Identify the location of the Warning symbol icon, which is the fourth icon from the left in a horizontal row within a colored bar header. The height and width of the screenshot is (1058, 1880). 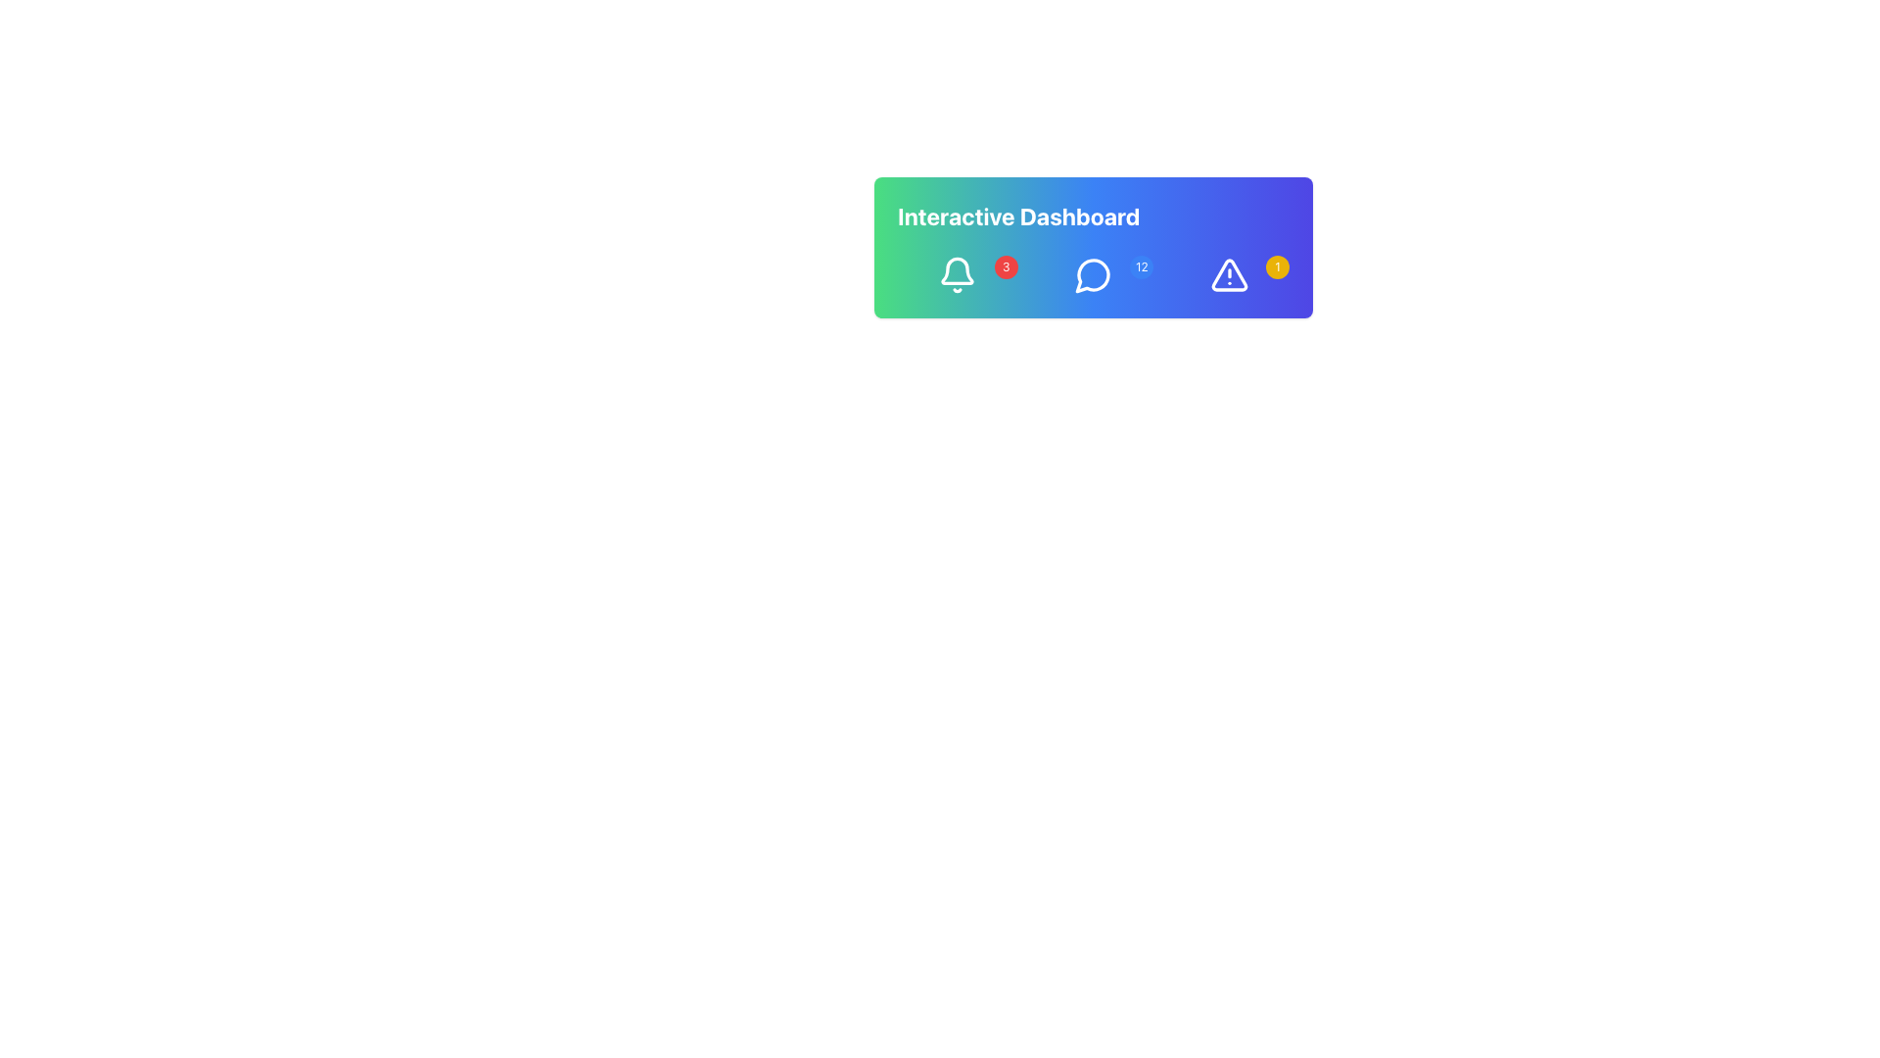
(1228, 275).